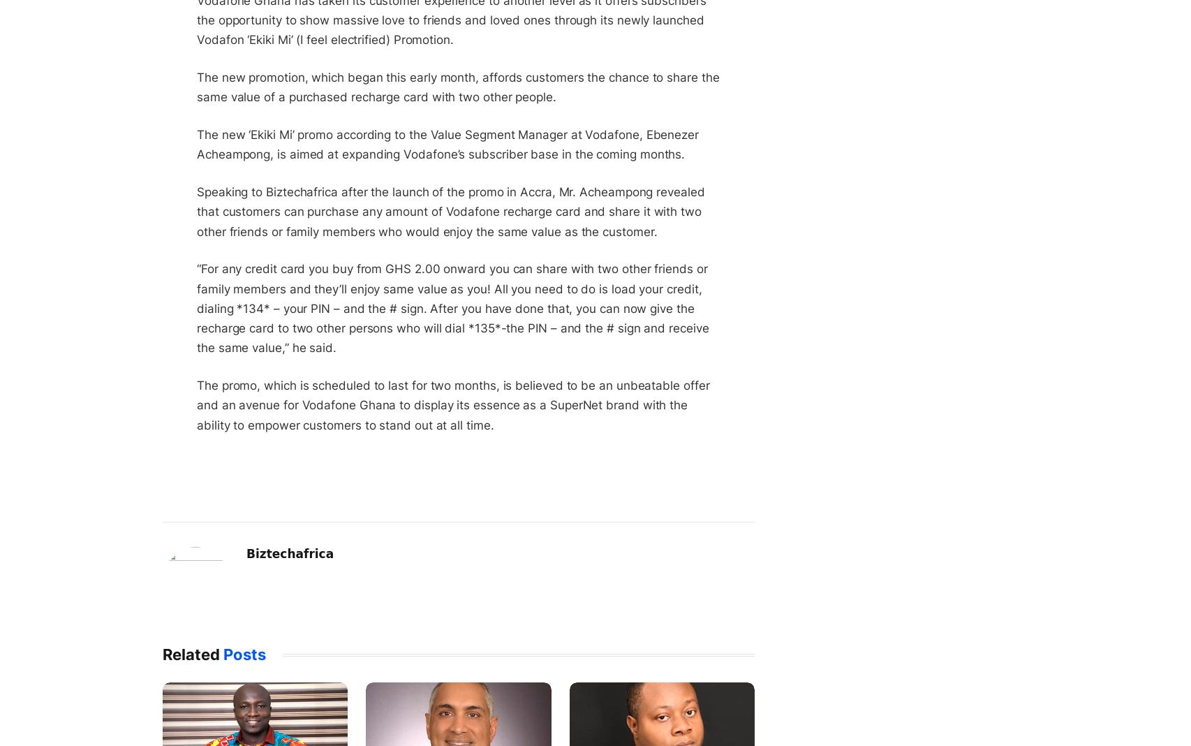  Describe the element at coordinates (446, 144) in the screenshot. I see `'The new ‘Ekiki Mi’ promo according to the Value Segment Manager at Vodafone, Ebenezer Acheampong, is aimed at expanding Vodafone’s subscriber base in the coming months.'` at that location.